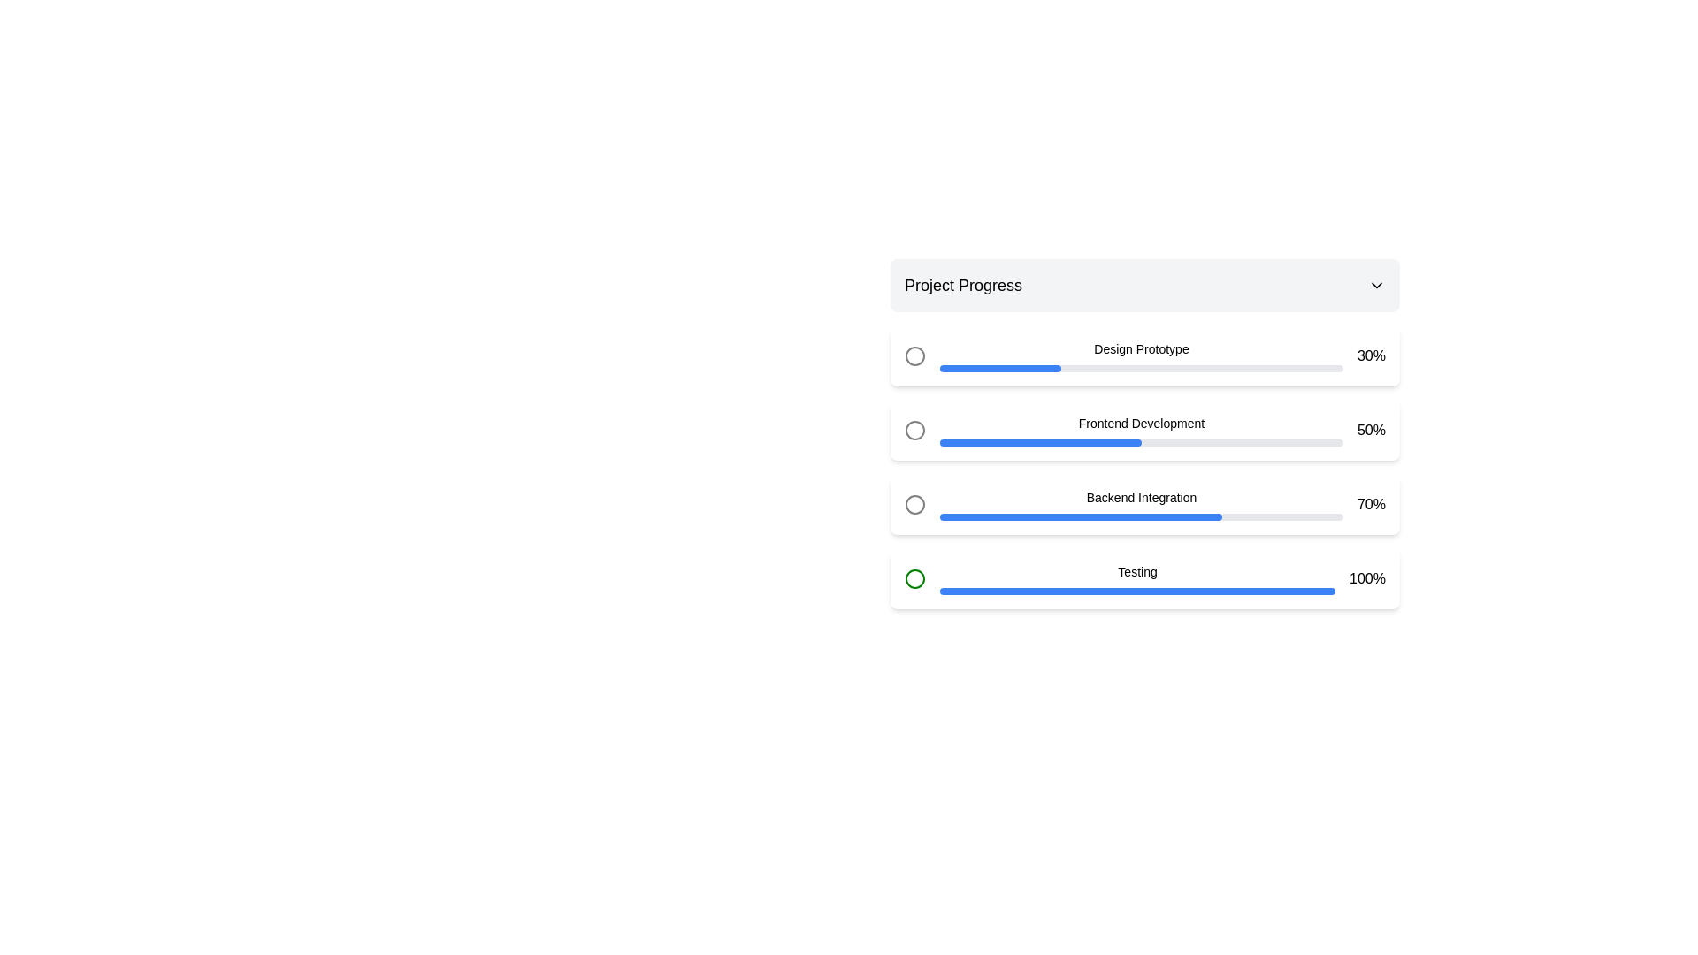 This screenshot has width=1698, height=955. Describe the element at coordinates (1142, 442) in the screenshot. I see `the gray background bar of the progress indicator in the second row of the vertical list for 'Frontend Development'` at that location.